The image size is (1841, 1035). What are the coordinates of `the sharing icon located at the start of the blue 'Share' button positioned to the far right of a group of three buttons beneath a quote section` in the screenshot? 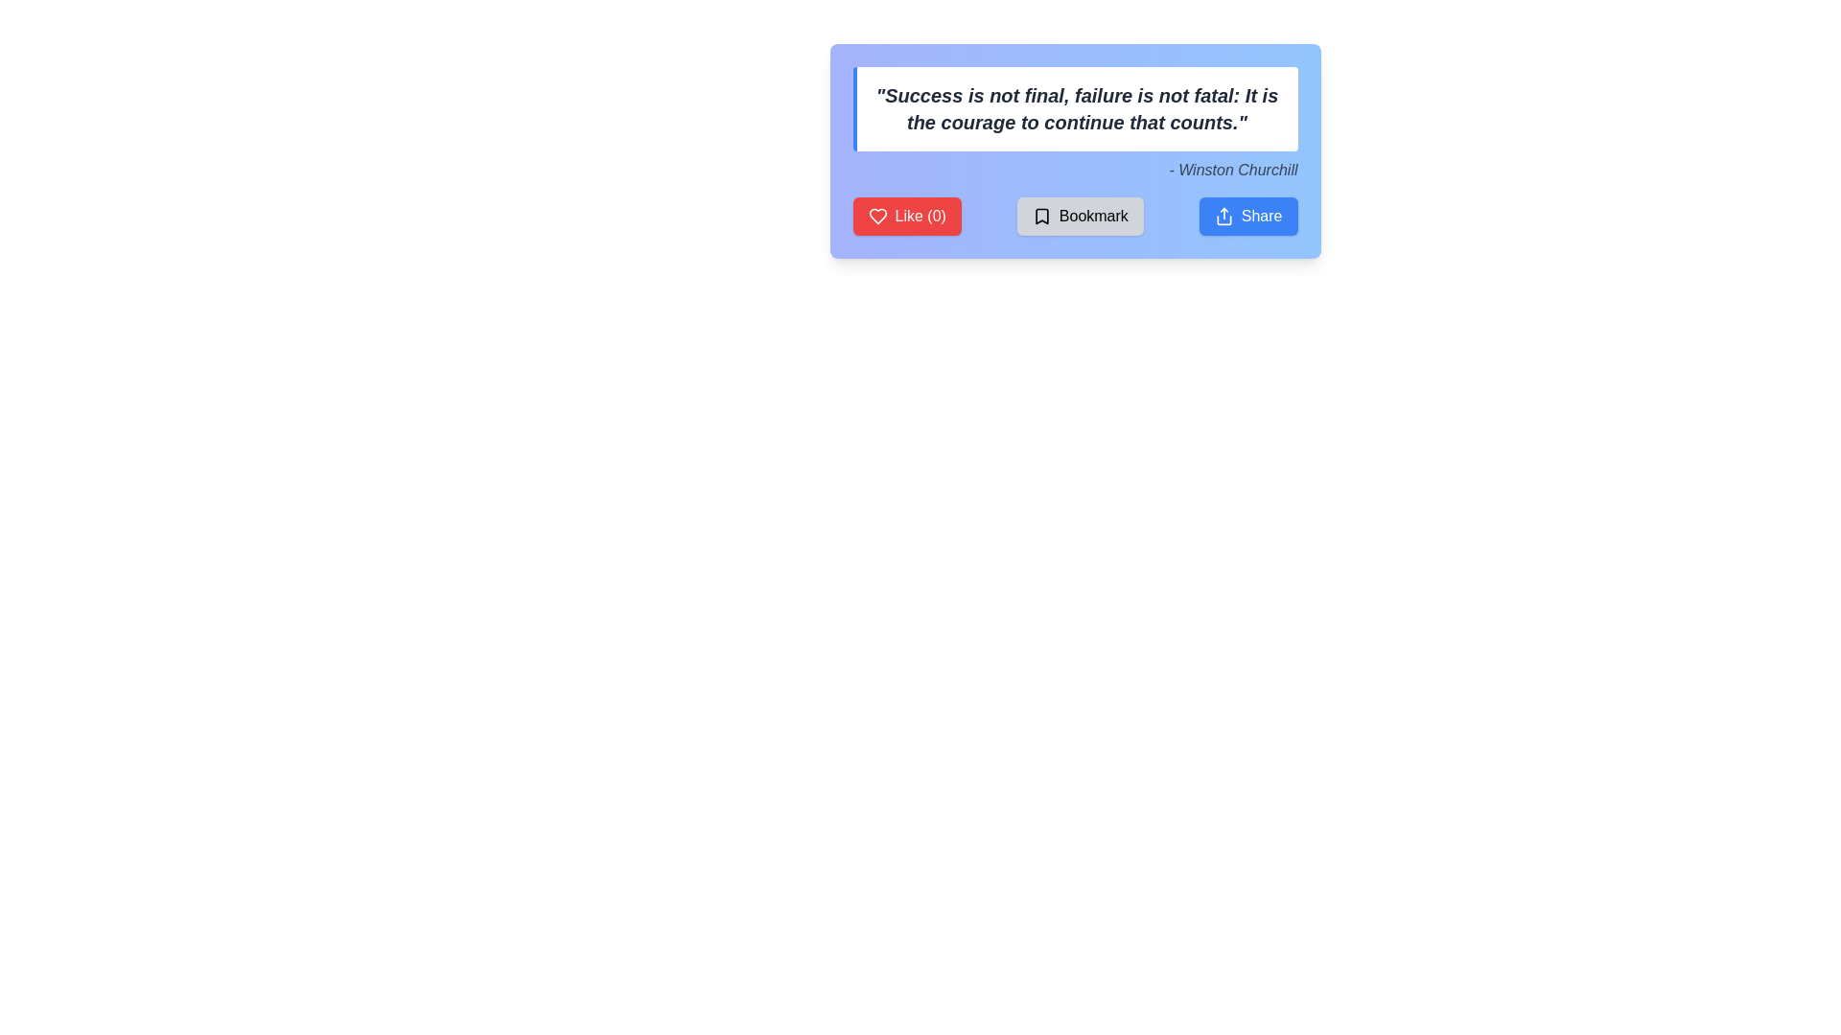 It's located at (1223, 216).